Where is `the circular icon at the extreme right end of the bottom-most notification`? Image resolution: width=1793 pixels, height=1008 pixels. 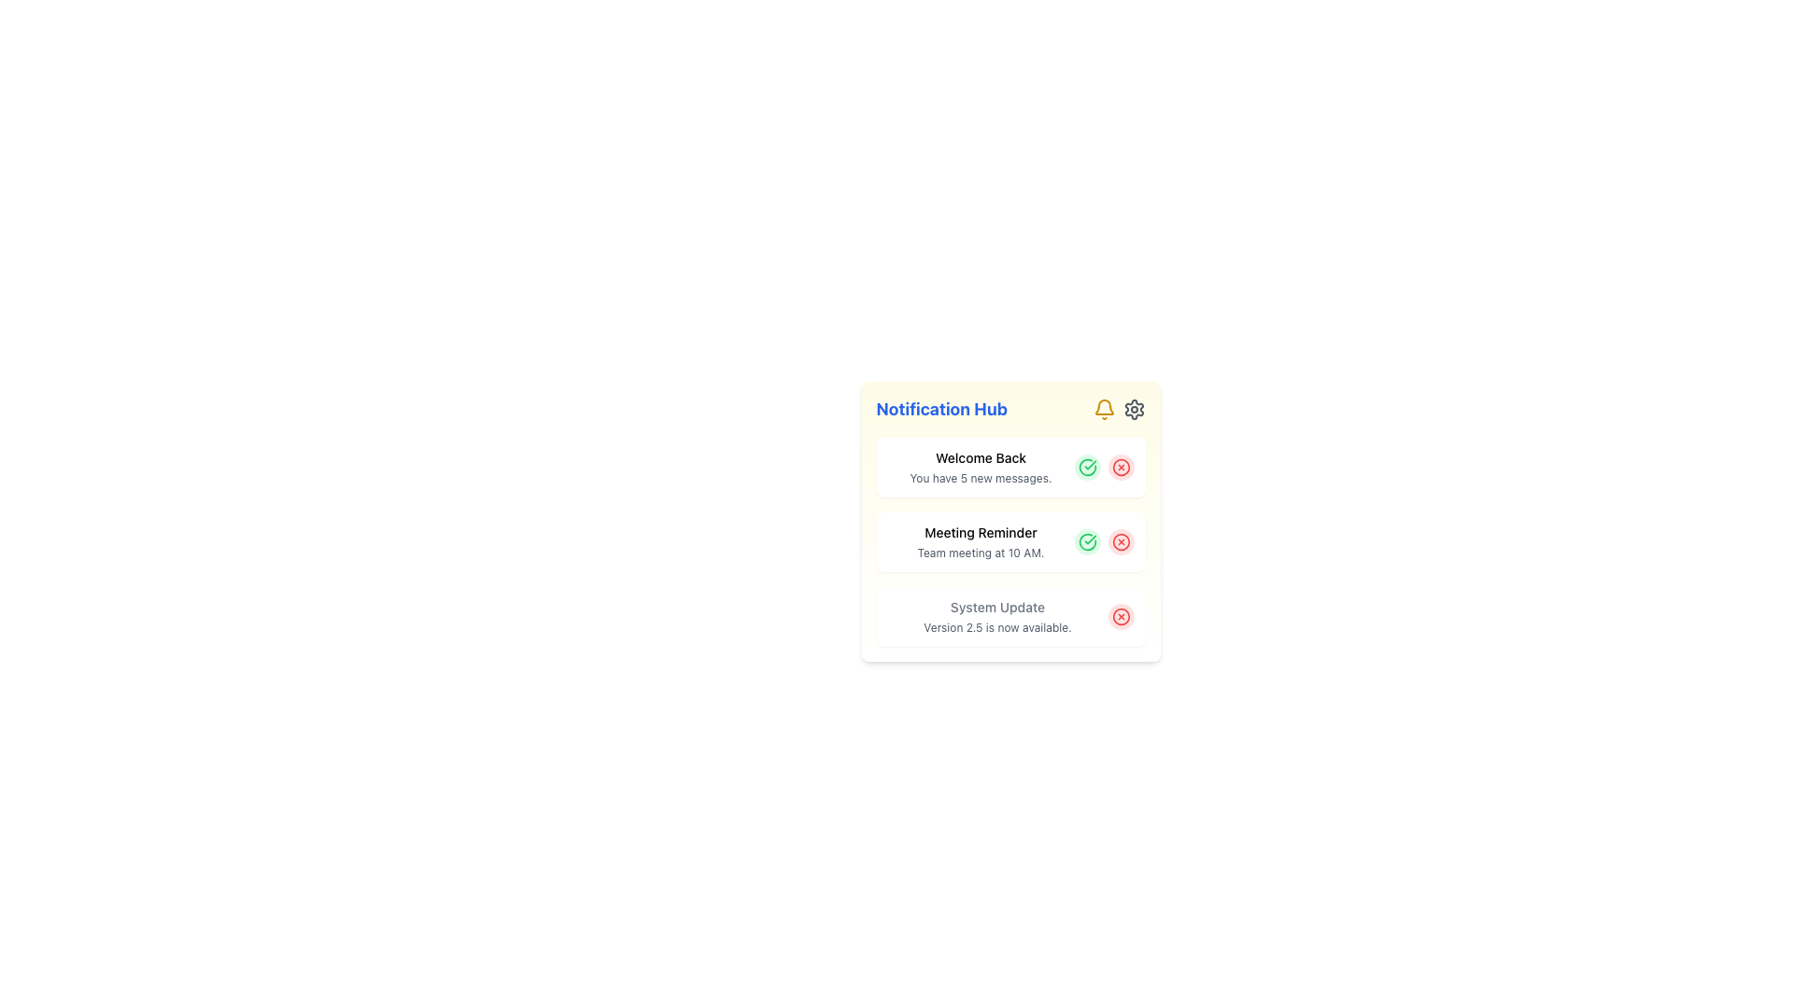 the circular icon at the extreme right end of the bottom-most notification is located at coordinates (1121, 616).